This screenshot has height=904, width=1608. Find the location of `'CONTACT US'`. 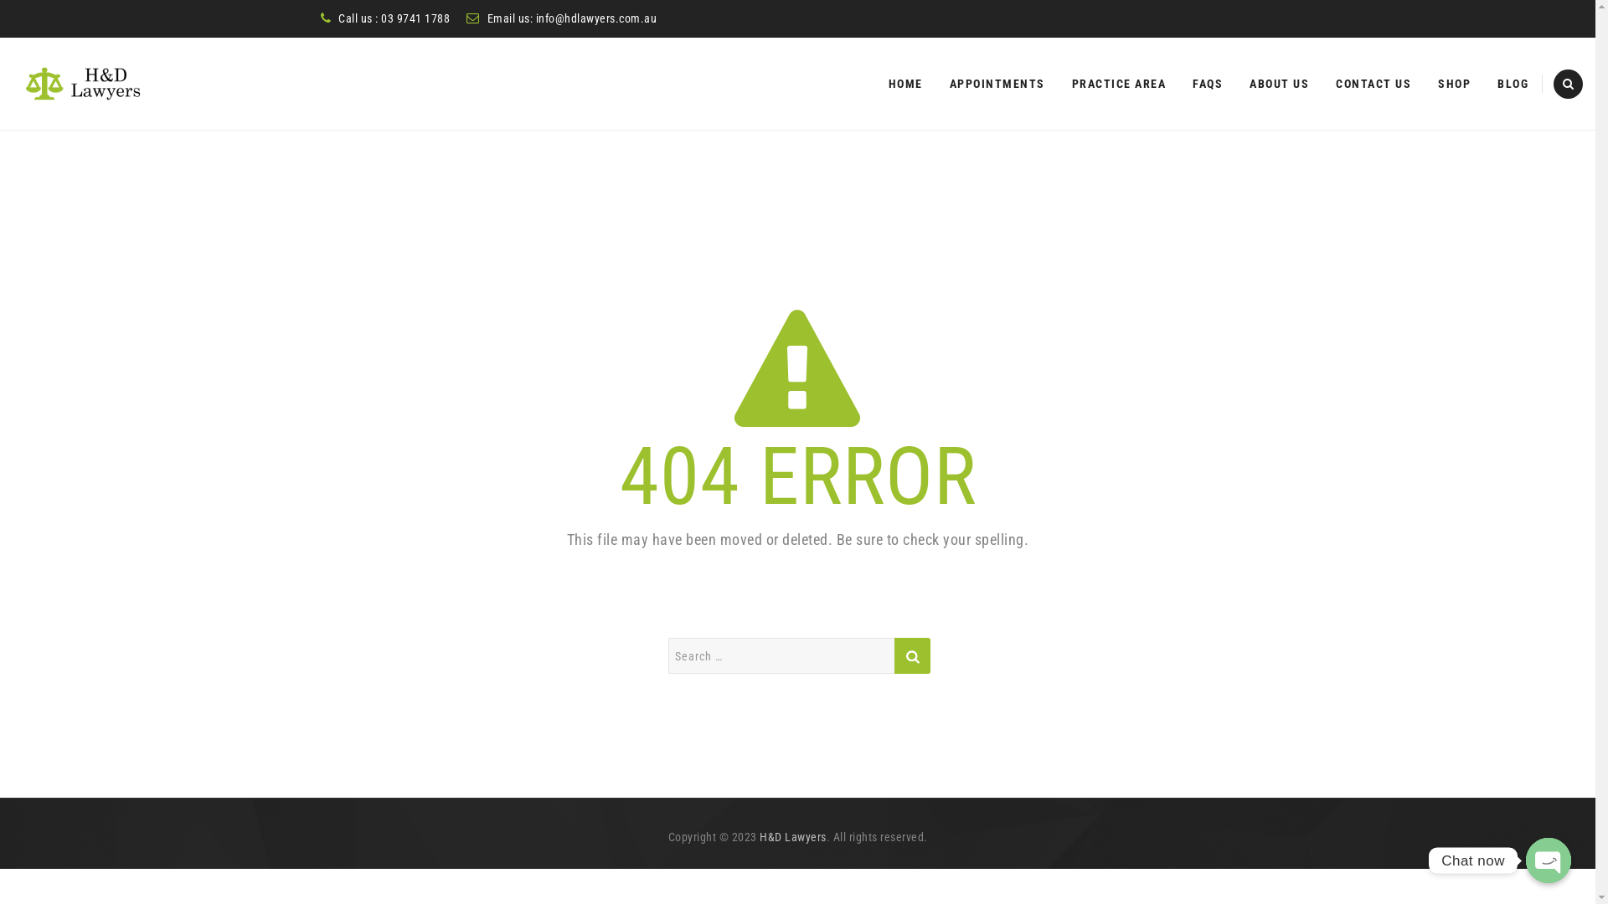

'CONTACT US' is located at coordinates (1373, 84).